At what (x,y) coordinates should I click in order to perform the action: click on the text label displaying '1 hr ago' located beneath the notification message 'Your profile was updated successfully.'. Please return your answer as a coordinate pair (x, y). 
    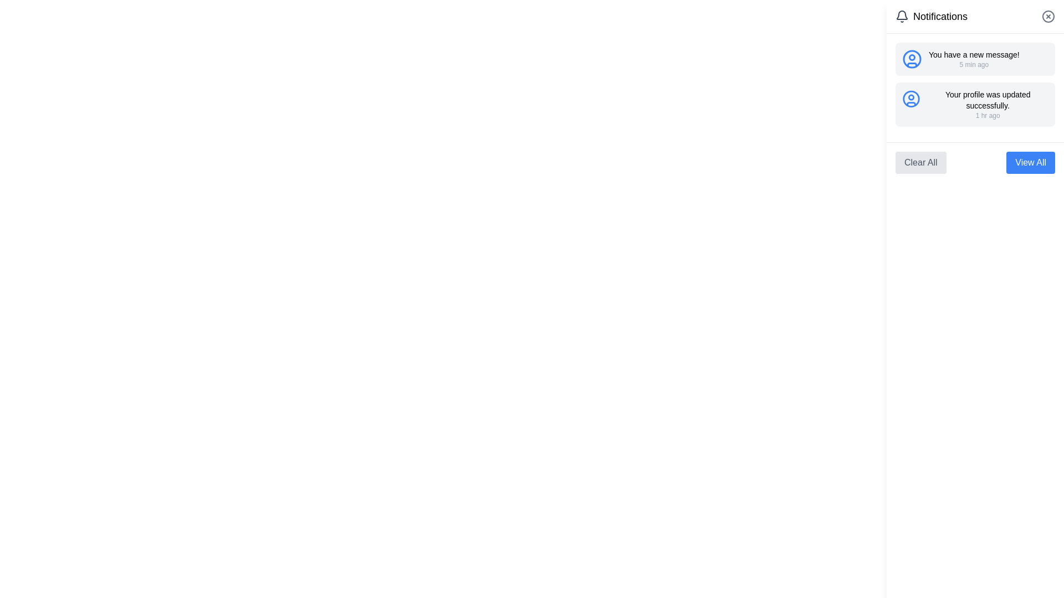
    Looking at the image, I should click on (988, 115).